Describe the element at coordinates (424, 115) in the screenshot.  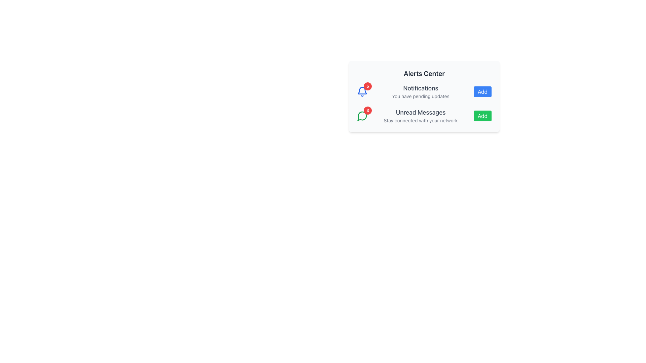
I see `the Notification Card at the bottom of the two-item list to read the information provided within the card` at that location.